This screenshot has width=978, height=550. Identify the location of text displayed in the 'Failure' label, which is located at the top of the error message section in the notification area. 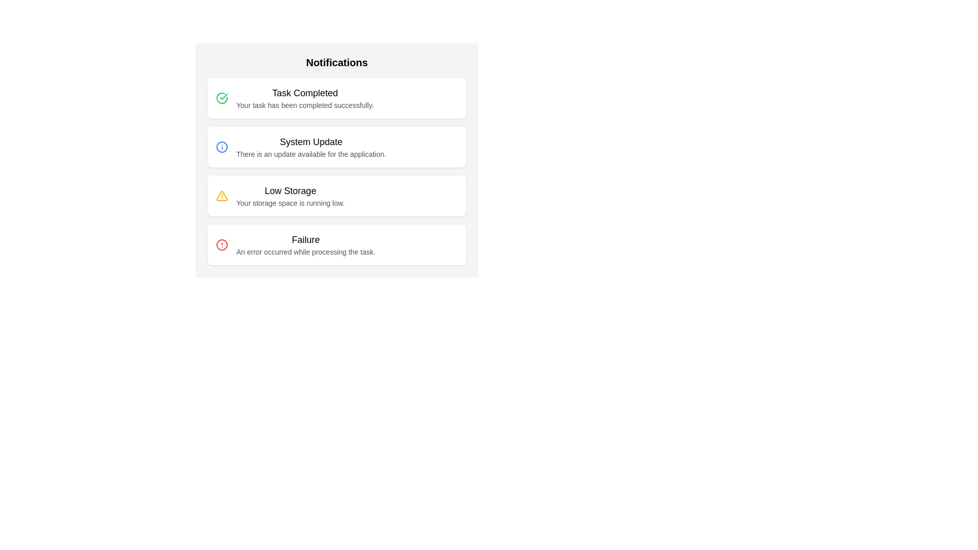
(305, 239).